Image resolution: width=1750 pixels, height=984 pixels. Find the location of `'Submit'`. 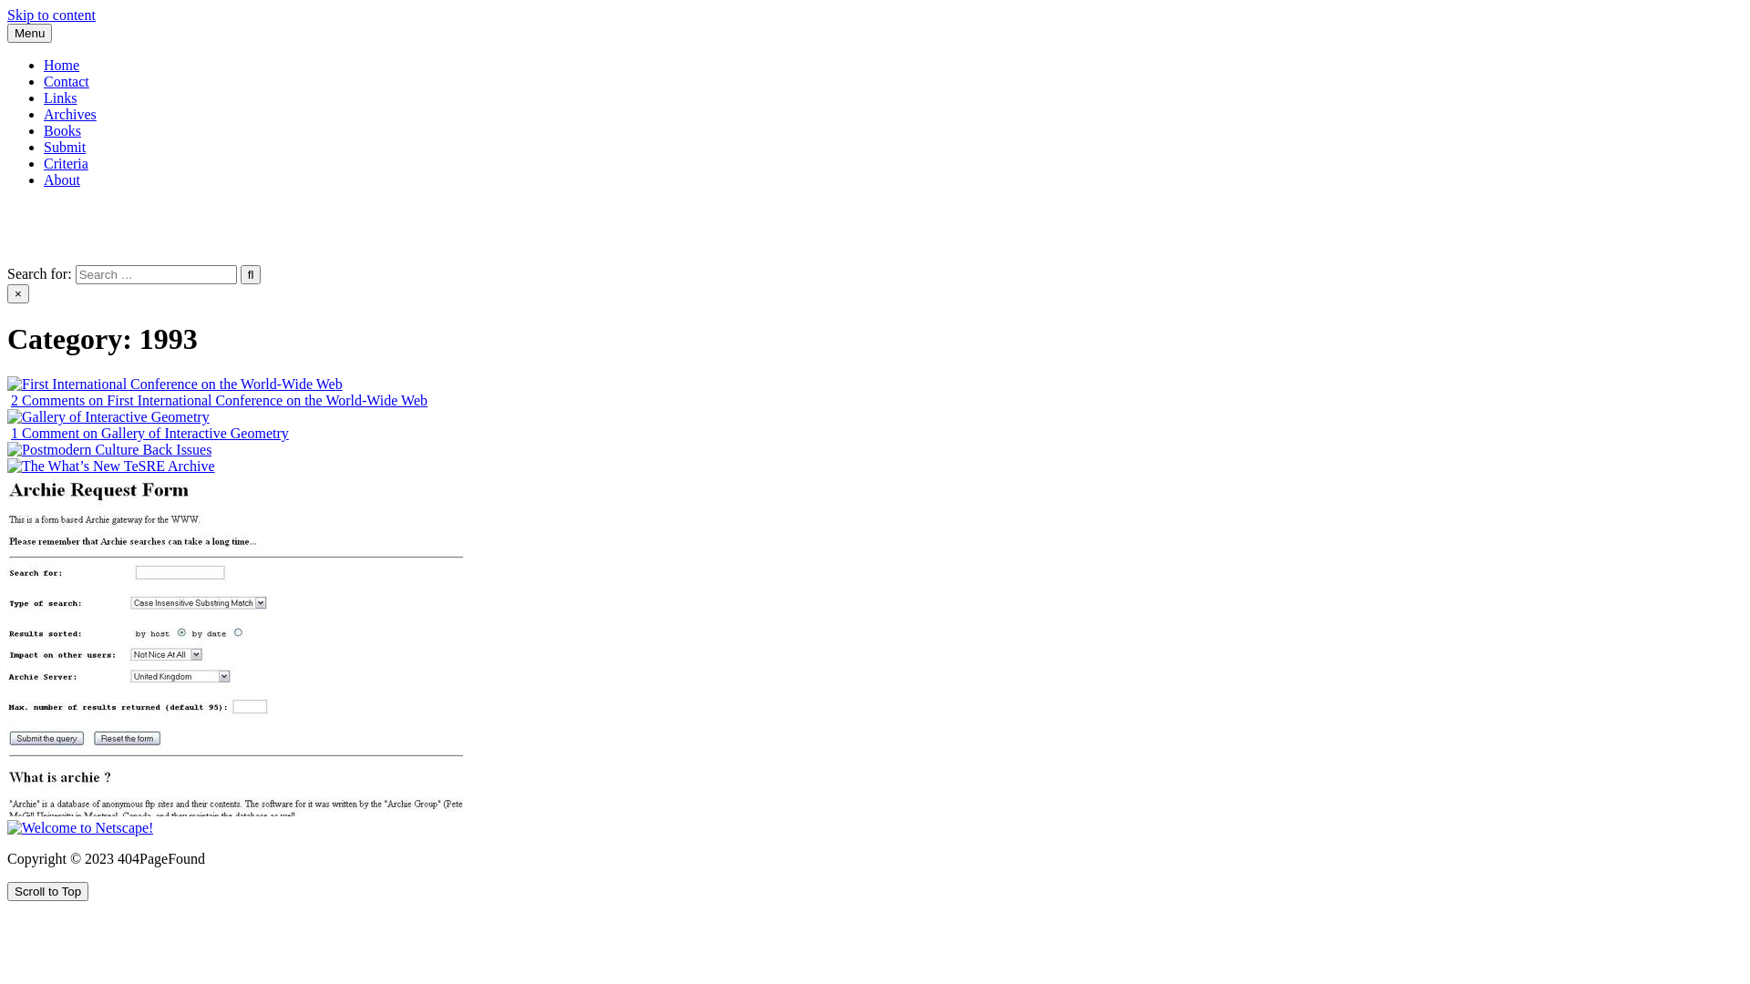

'Submit' is located at coordinates (65, 146).